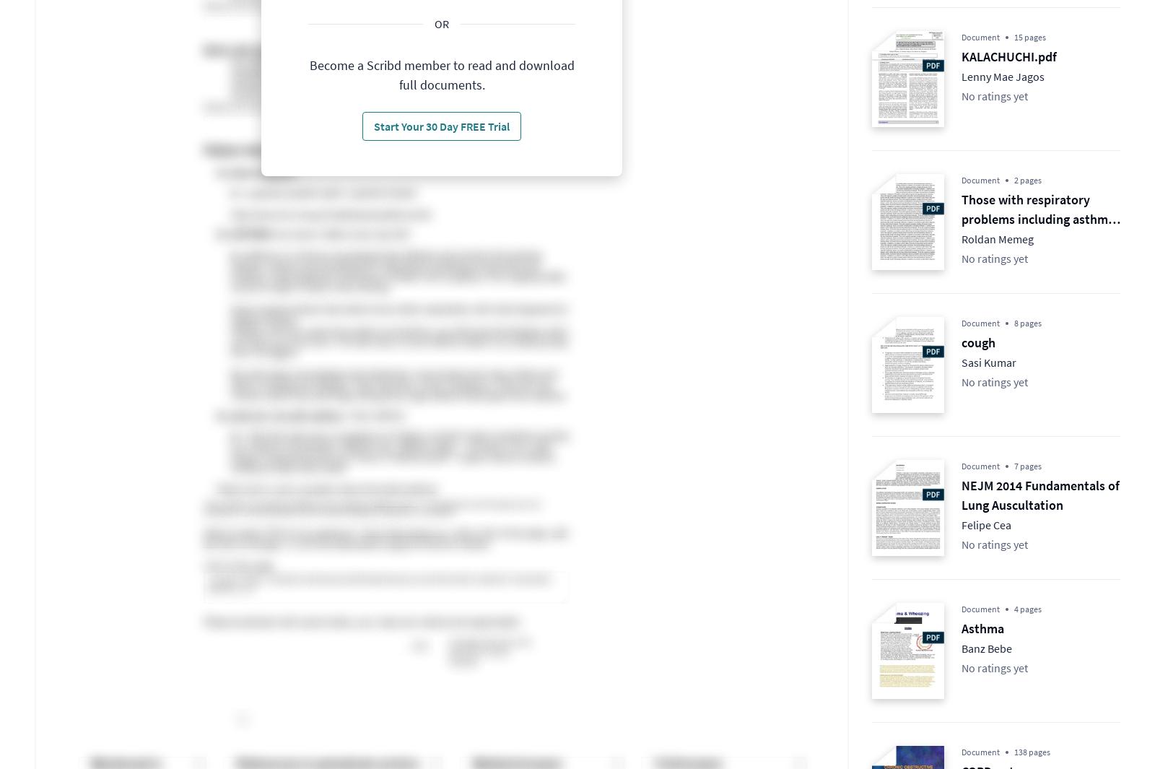 This screenshot has height=769, width=1155. What do you see at coordinates (1002, 75) in the screenshot?
I see `'Lenny Mae Jagos'` at bounding box center [1002, 75].